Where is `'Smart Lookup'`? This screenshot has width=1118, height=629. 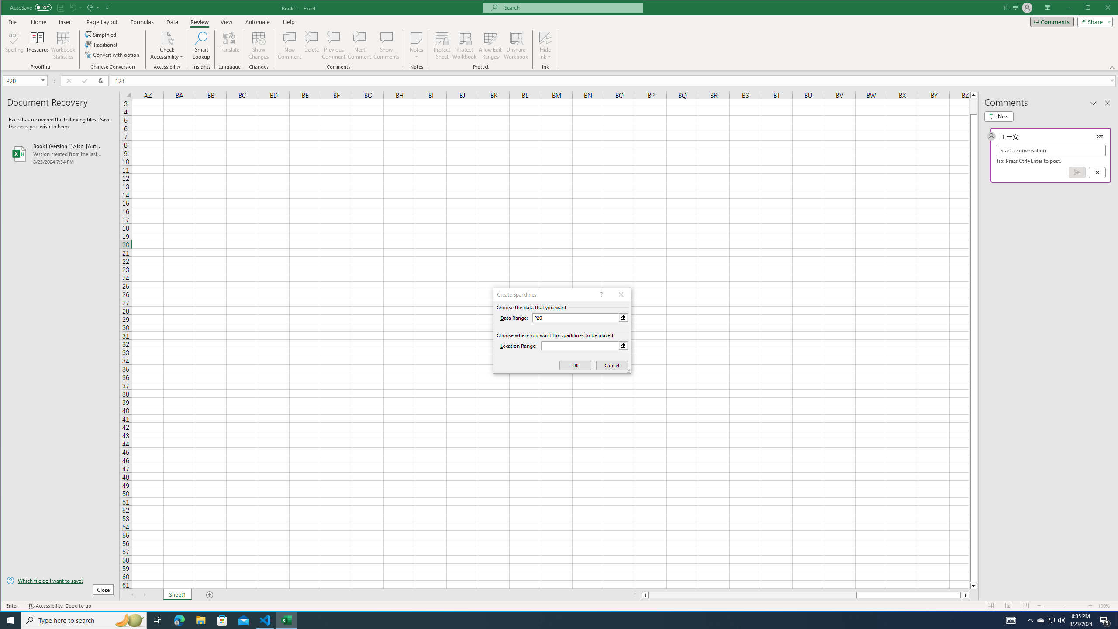
'Smart Lookup' is located at coordinates (201, 45).